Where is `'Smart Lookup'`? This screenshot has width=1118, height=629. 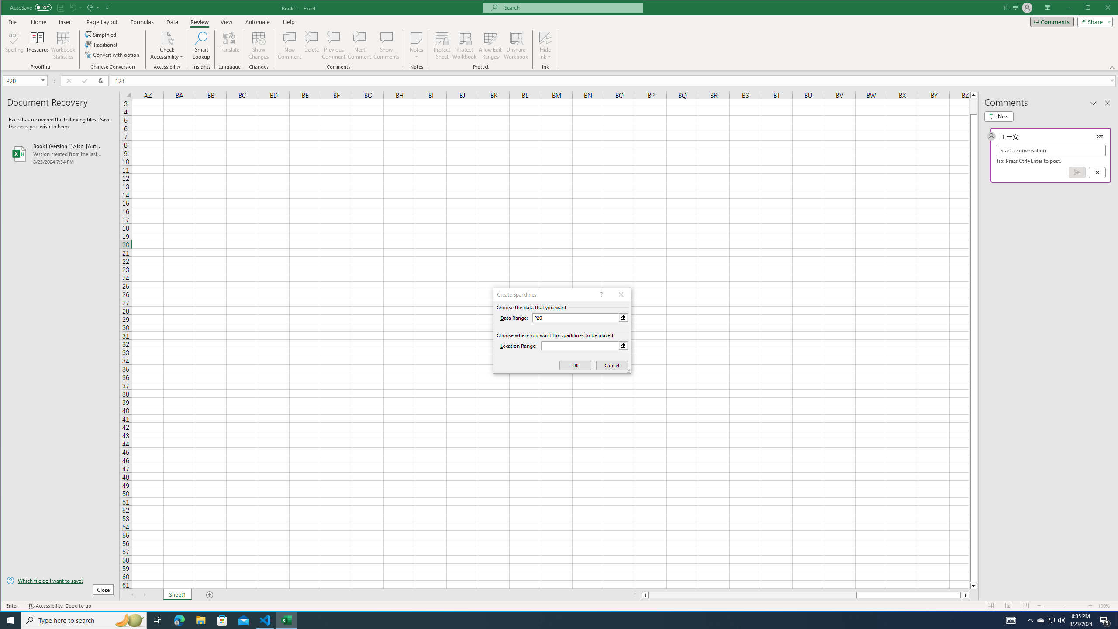
'Smart Lookup' is located at coordinates (201, 45).